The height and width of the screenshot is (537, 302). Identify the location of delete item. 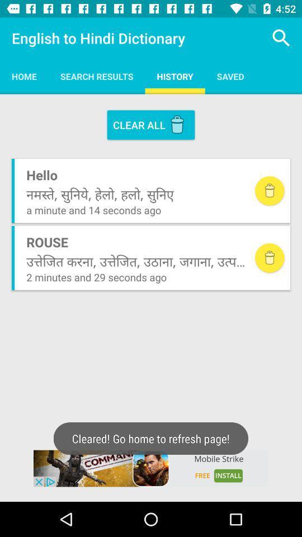
(269, 191).